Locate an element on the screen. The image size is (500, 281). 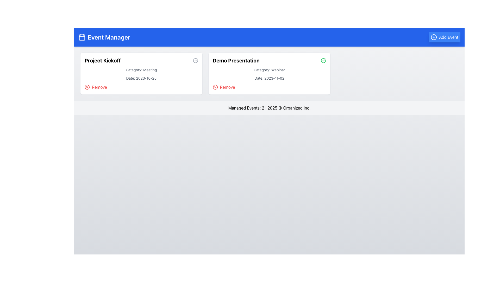
the status icon is located at coordinates (195, 60).